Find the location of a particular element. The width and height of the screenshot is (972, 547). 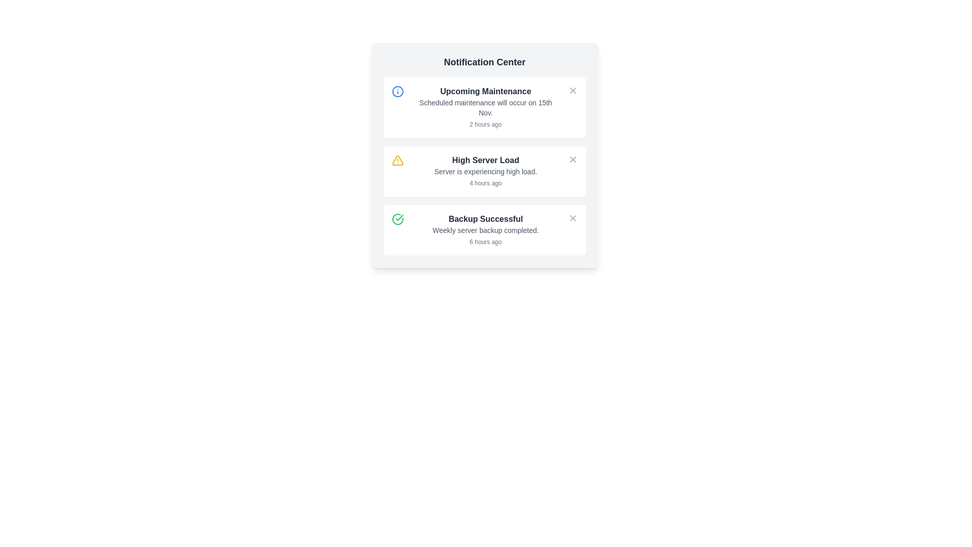

the 'X'-shaped icon button located at the top-right corner of the 'High Server Load' notification block is located at coordinates (573, 218).